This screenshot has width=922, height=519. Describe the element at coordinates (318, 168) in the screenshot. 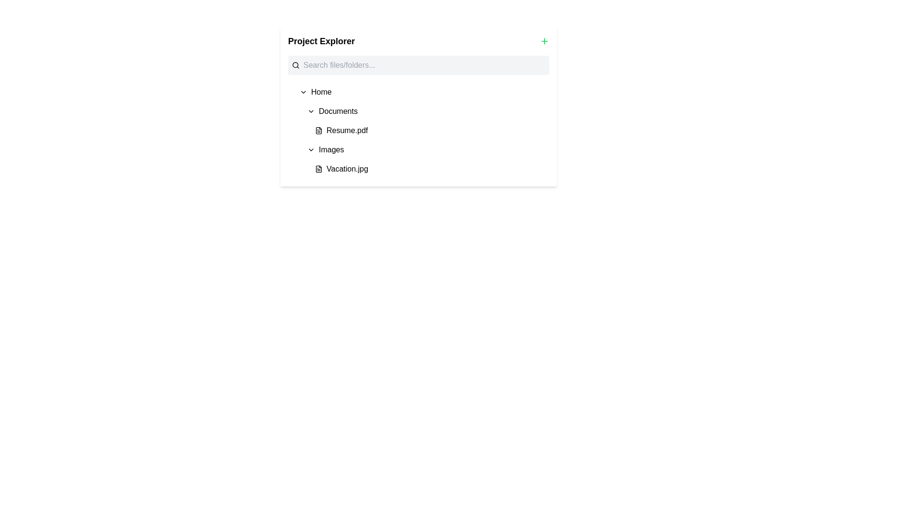

I see `the icon resembling a document or file located near the 'Vacation.jpg' filename` at that location.